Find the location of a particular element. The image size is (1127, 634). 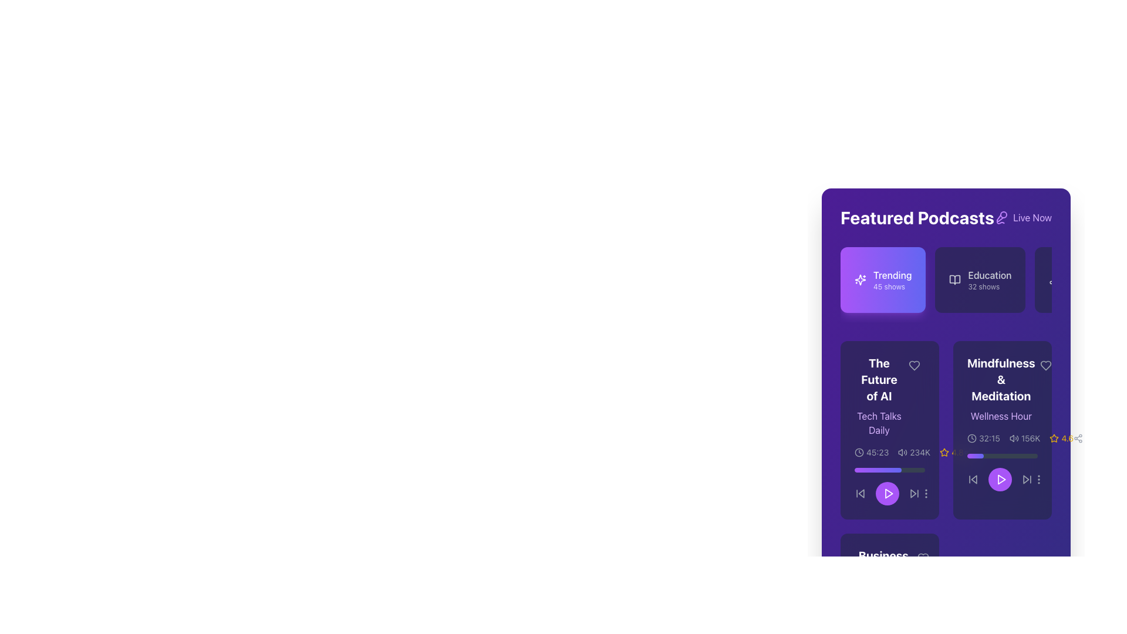

the composite information display element that includes the duration label '45:23', a speaker icon, and the number '234K' located below the title 'The Future of AI' and subtitle 'Tech Talks Daily' is located at coordinates (890, 452).